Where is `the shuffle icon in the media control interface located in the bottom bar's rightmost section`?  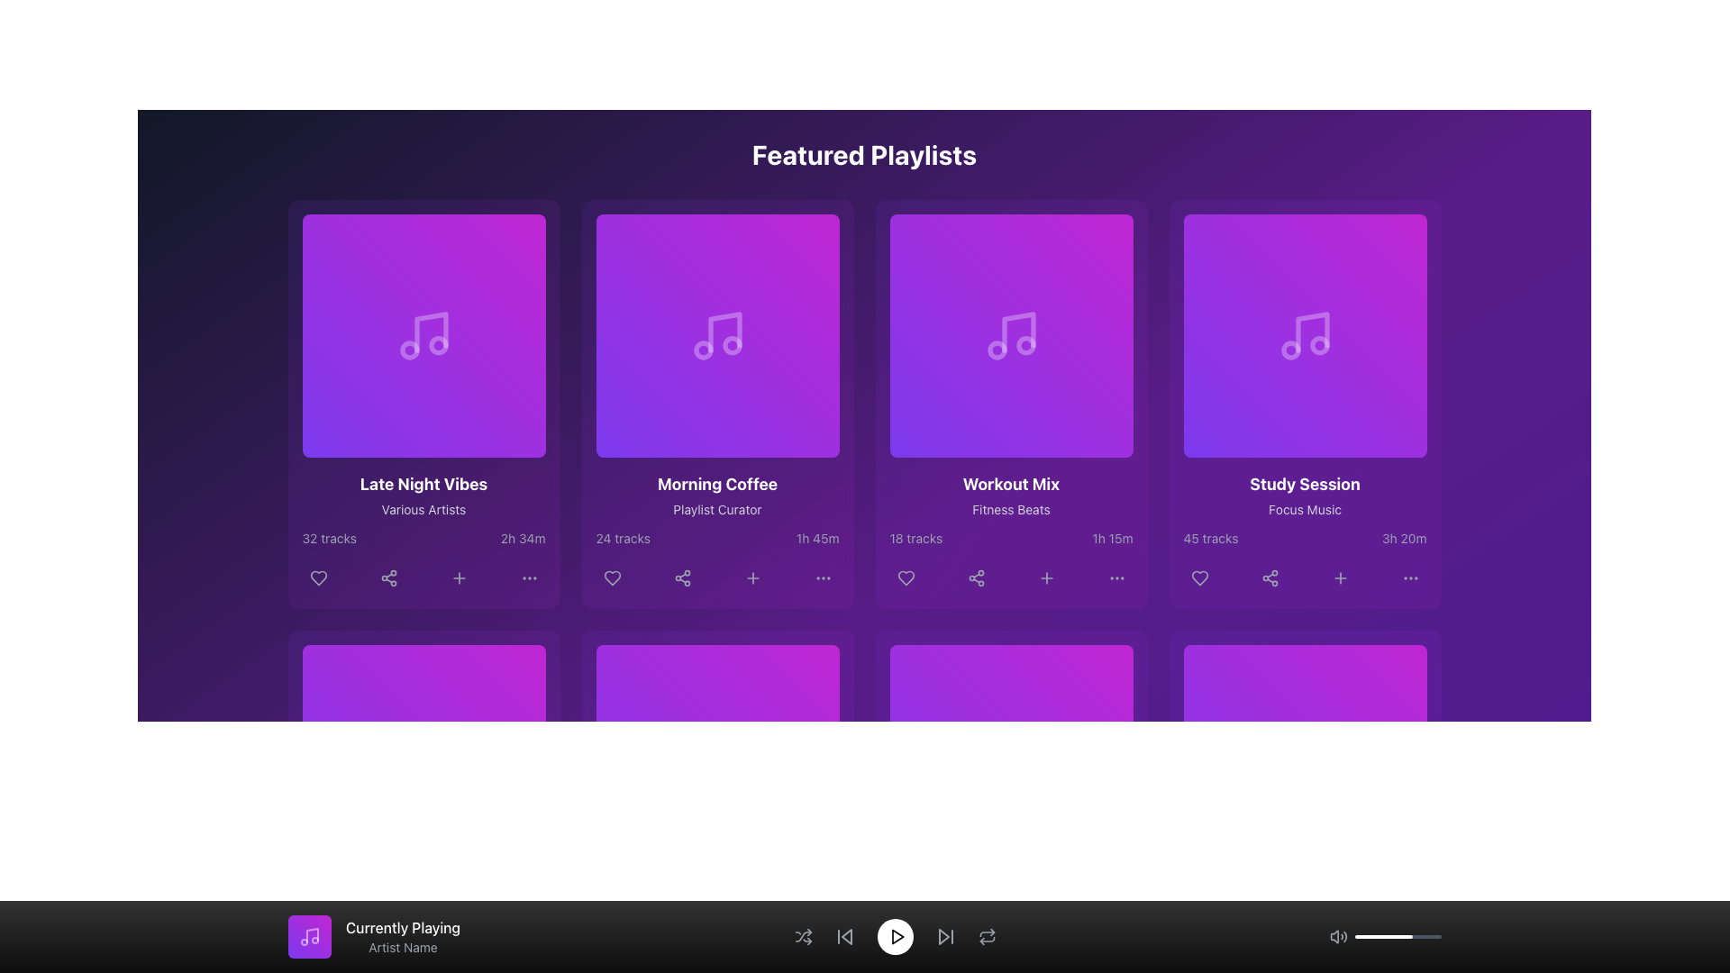
the shuffle icon in the media control interface located in the bottom bar's rightmost section is located at coordinates (802, 936).